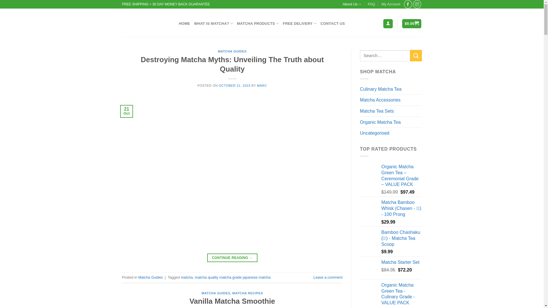 This screenshot has height=308, width=548. What do you see at coordinates (352, 4) in the screenshot?
I see `'About Us'` at bounding box center [352, 4].